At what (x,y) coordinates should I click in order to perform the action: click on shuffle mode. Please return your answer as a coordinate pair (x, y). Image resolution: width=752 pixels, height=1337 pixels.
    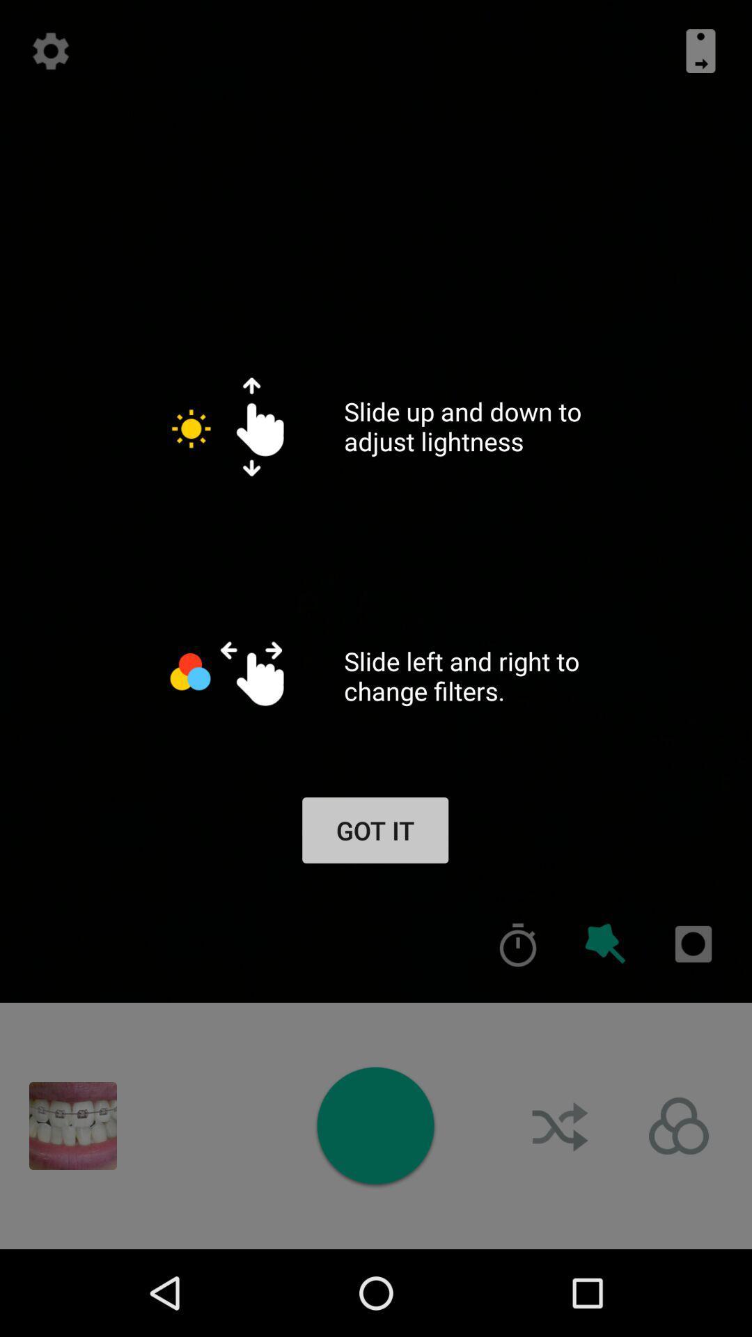
    Looking at the image, I should click on (561, 1126).